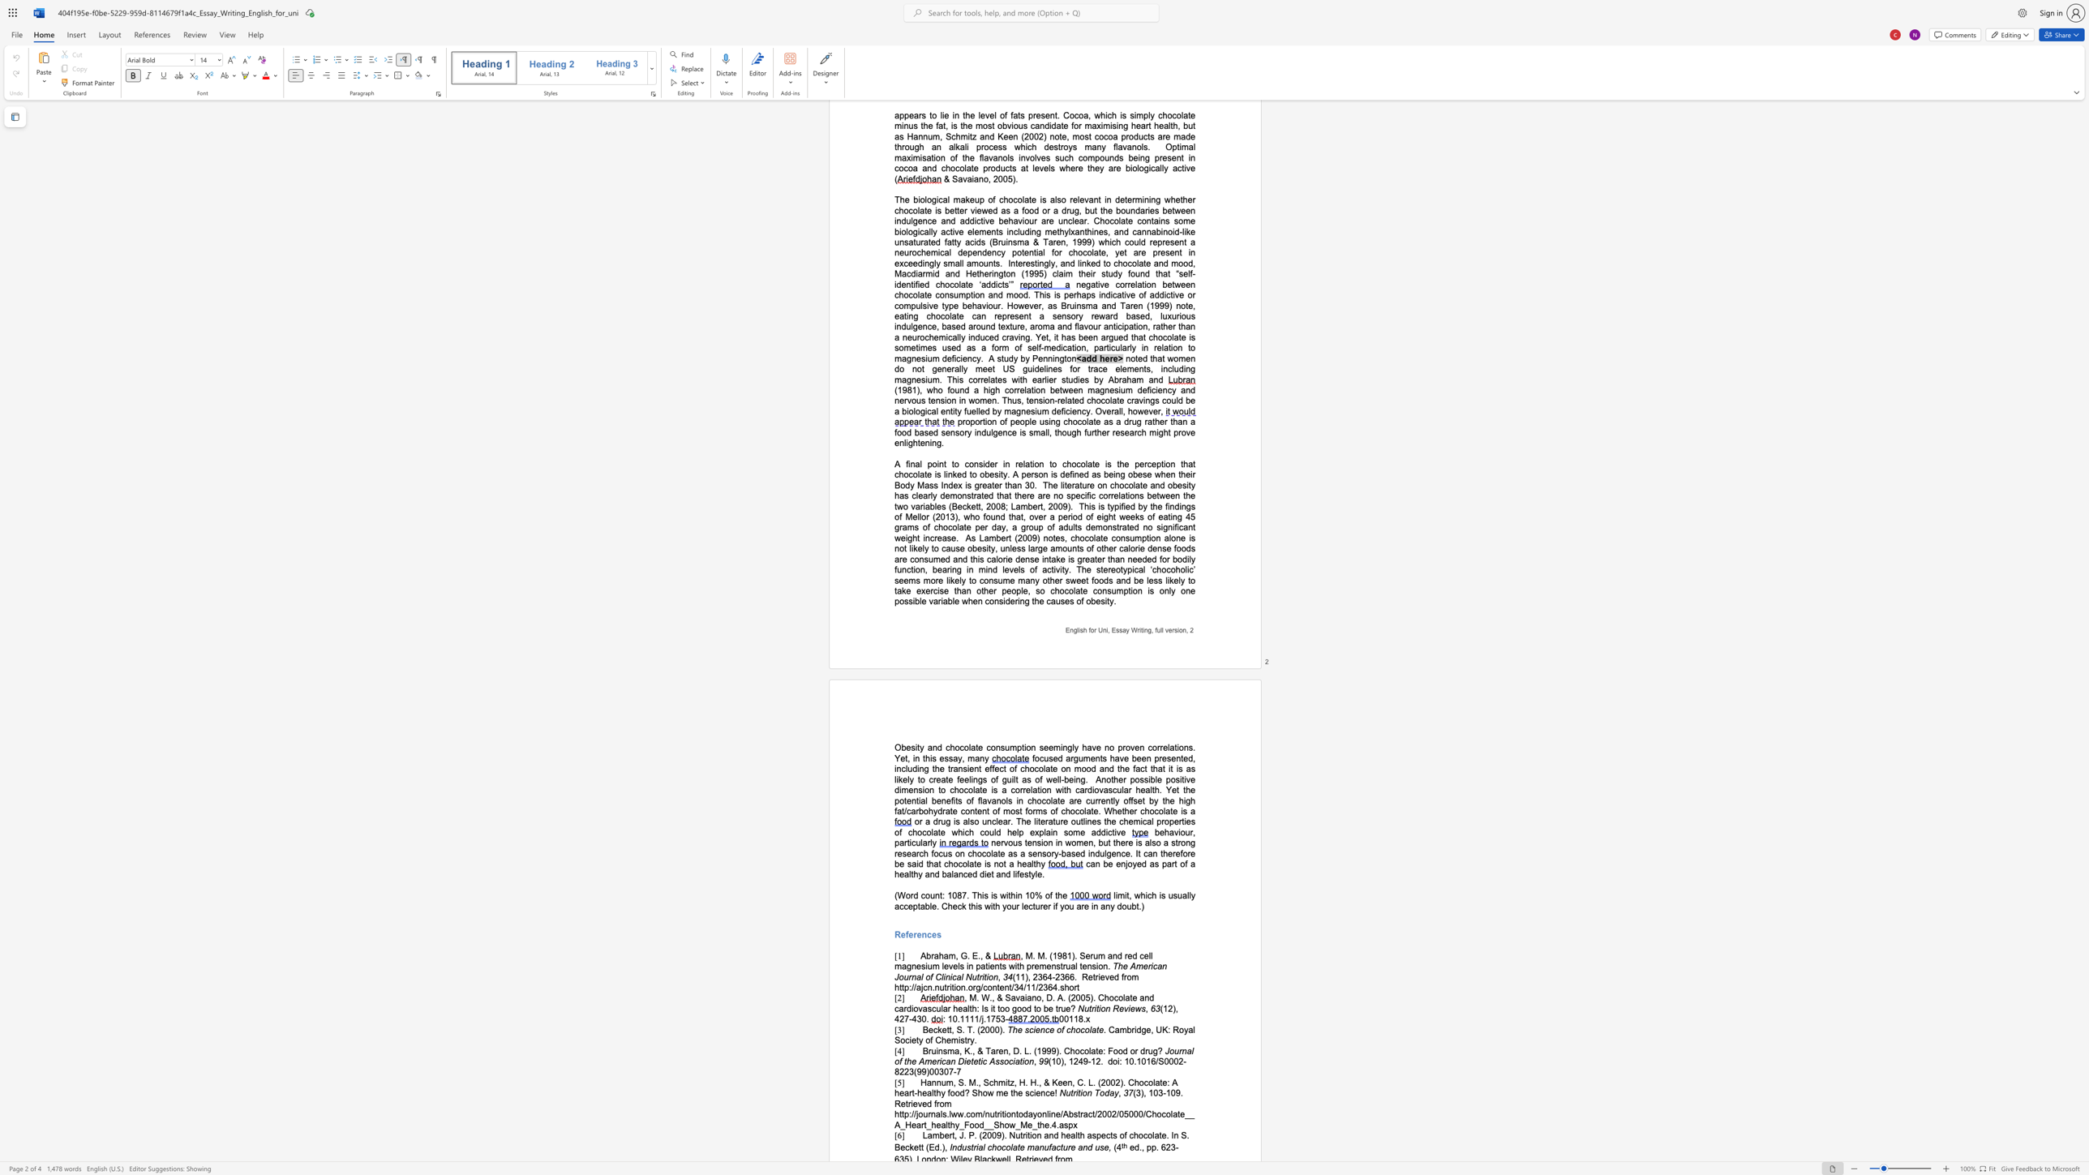  What do you see at coordinates (991, 1008) in the screenshot?
I see `the subset text "it too good to b" within the text ", M. W., & Savaiano, D. A. (2005). Chocolate and cardiovascular health: Is it too good to be true?"` at bounding box center [991, 1008].